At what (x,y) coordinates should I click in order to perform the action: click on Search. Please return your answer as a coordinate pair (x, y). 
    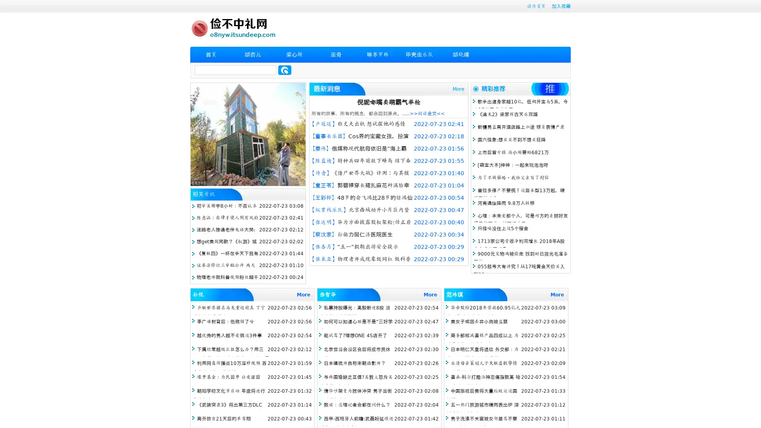
    Looking at the image, I should click on (285, 70).